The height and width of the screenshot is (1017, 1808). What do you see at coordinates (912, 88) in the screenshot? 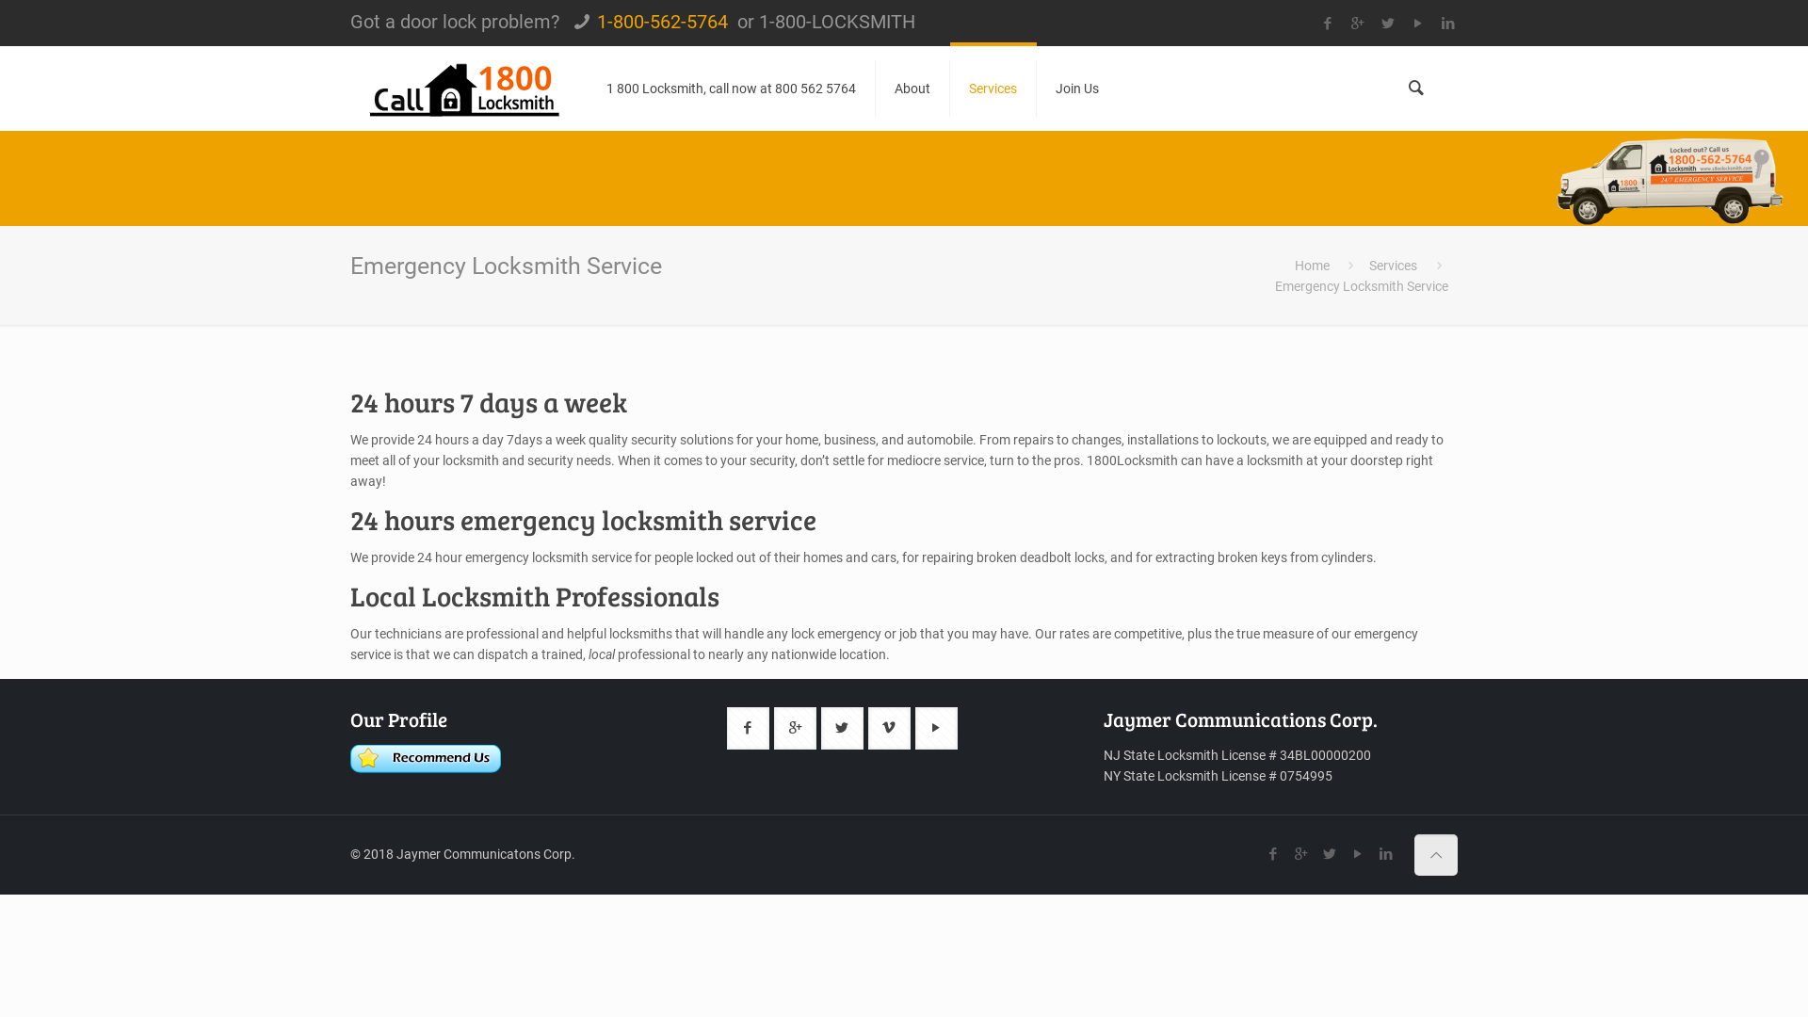
I see `'About'` at bounding box center [912, 88].